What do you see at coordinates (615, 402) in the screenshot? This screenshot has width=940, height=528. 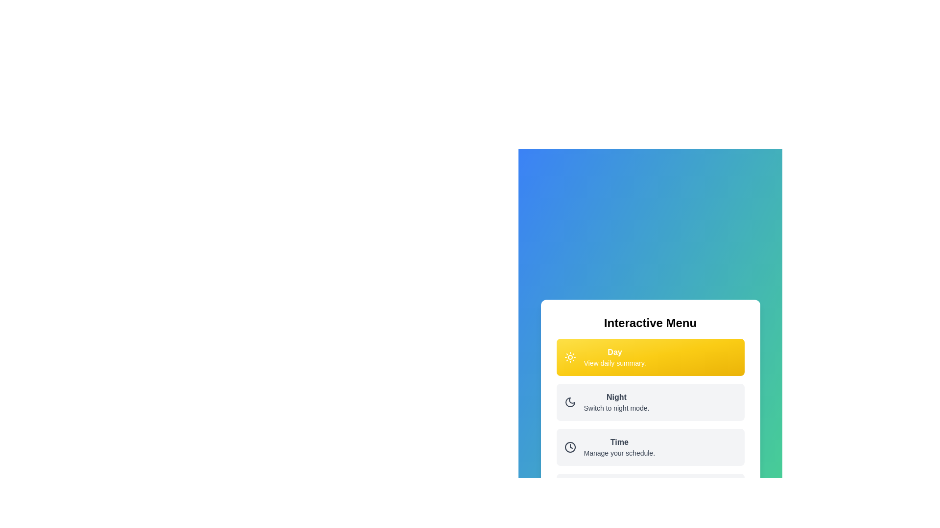 I see `the text of the menu option Night` at bounding box center [615, 402].